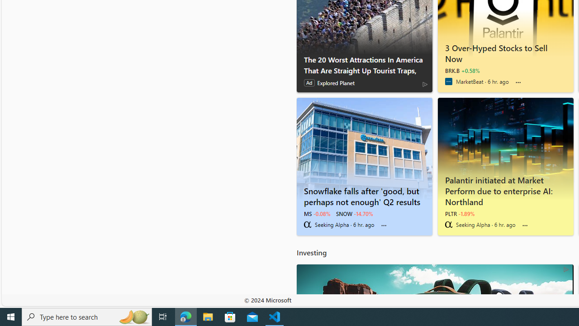  What do you see at coordinates (448, 81) in the screenshot?
I see `'MarketBeat'` at bounding box center [448, 81].